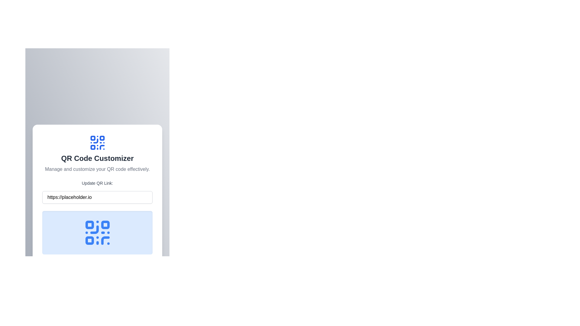 The image size is (580, 326). Describe the element at coordinates (97, 232) in the screenshot. I see `the stylized blue QR code icon located at the center bottom of the 'QR Code Customizer' card, which features larger squares at its corners and smaller blue dots in between` at that location.